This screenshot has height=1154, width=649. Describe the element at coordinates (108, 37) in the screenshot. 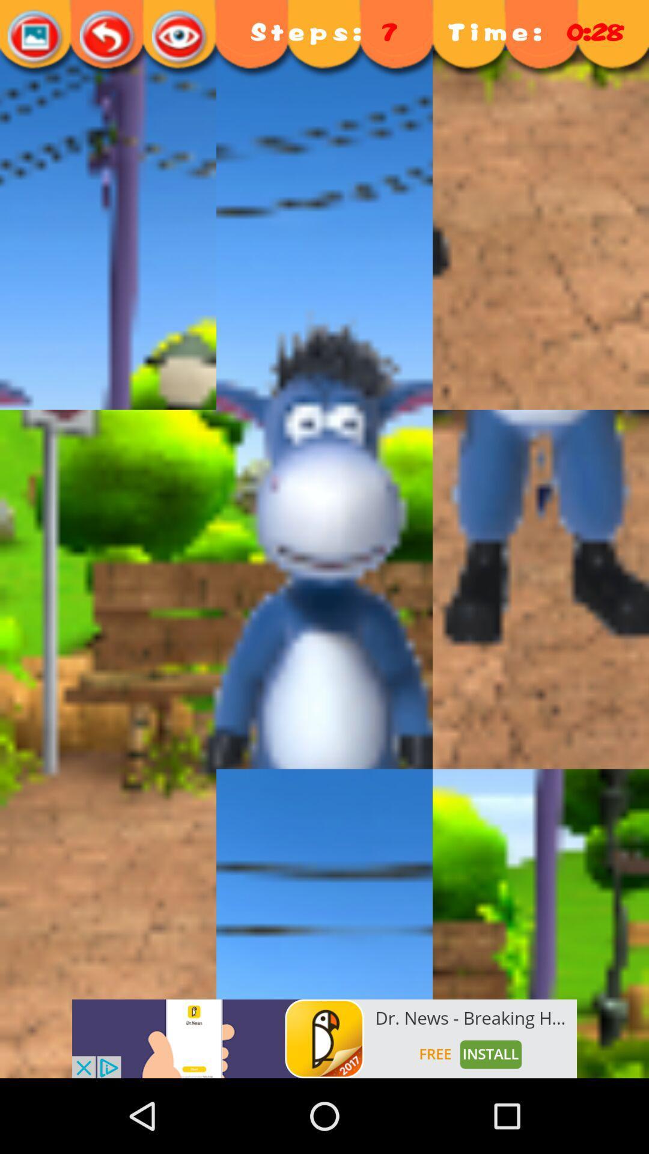

I see `the undo icon` at that location.